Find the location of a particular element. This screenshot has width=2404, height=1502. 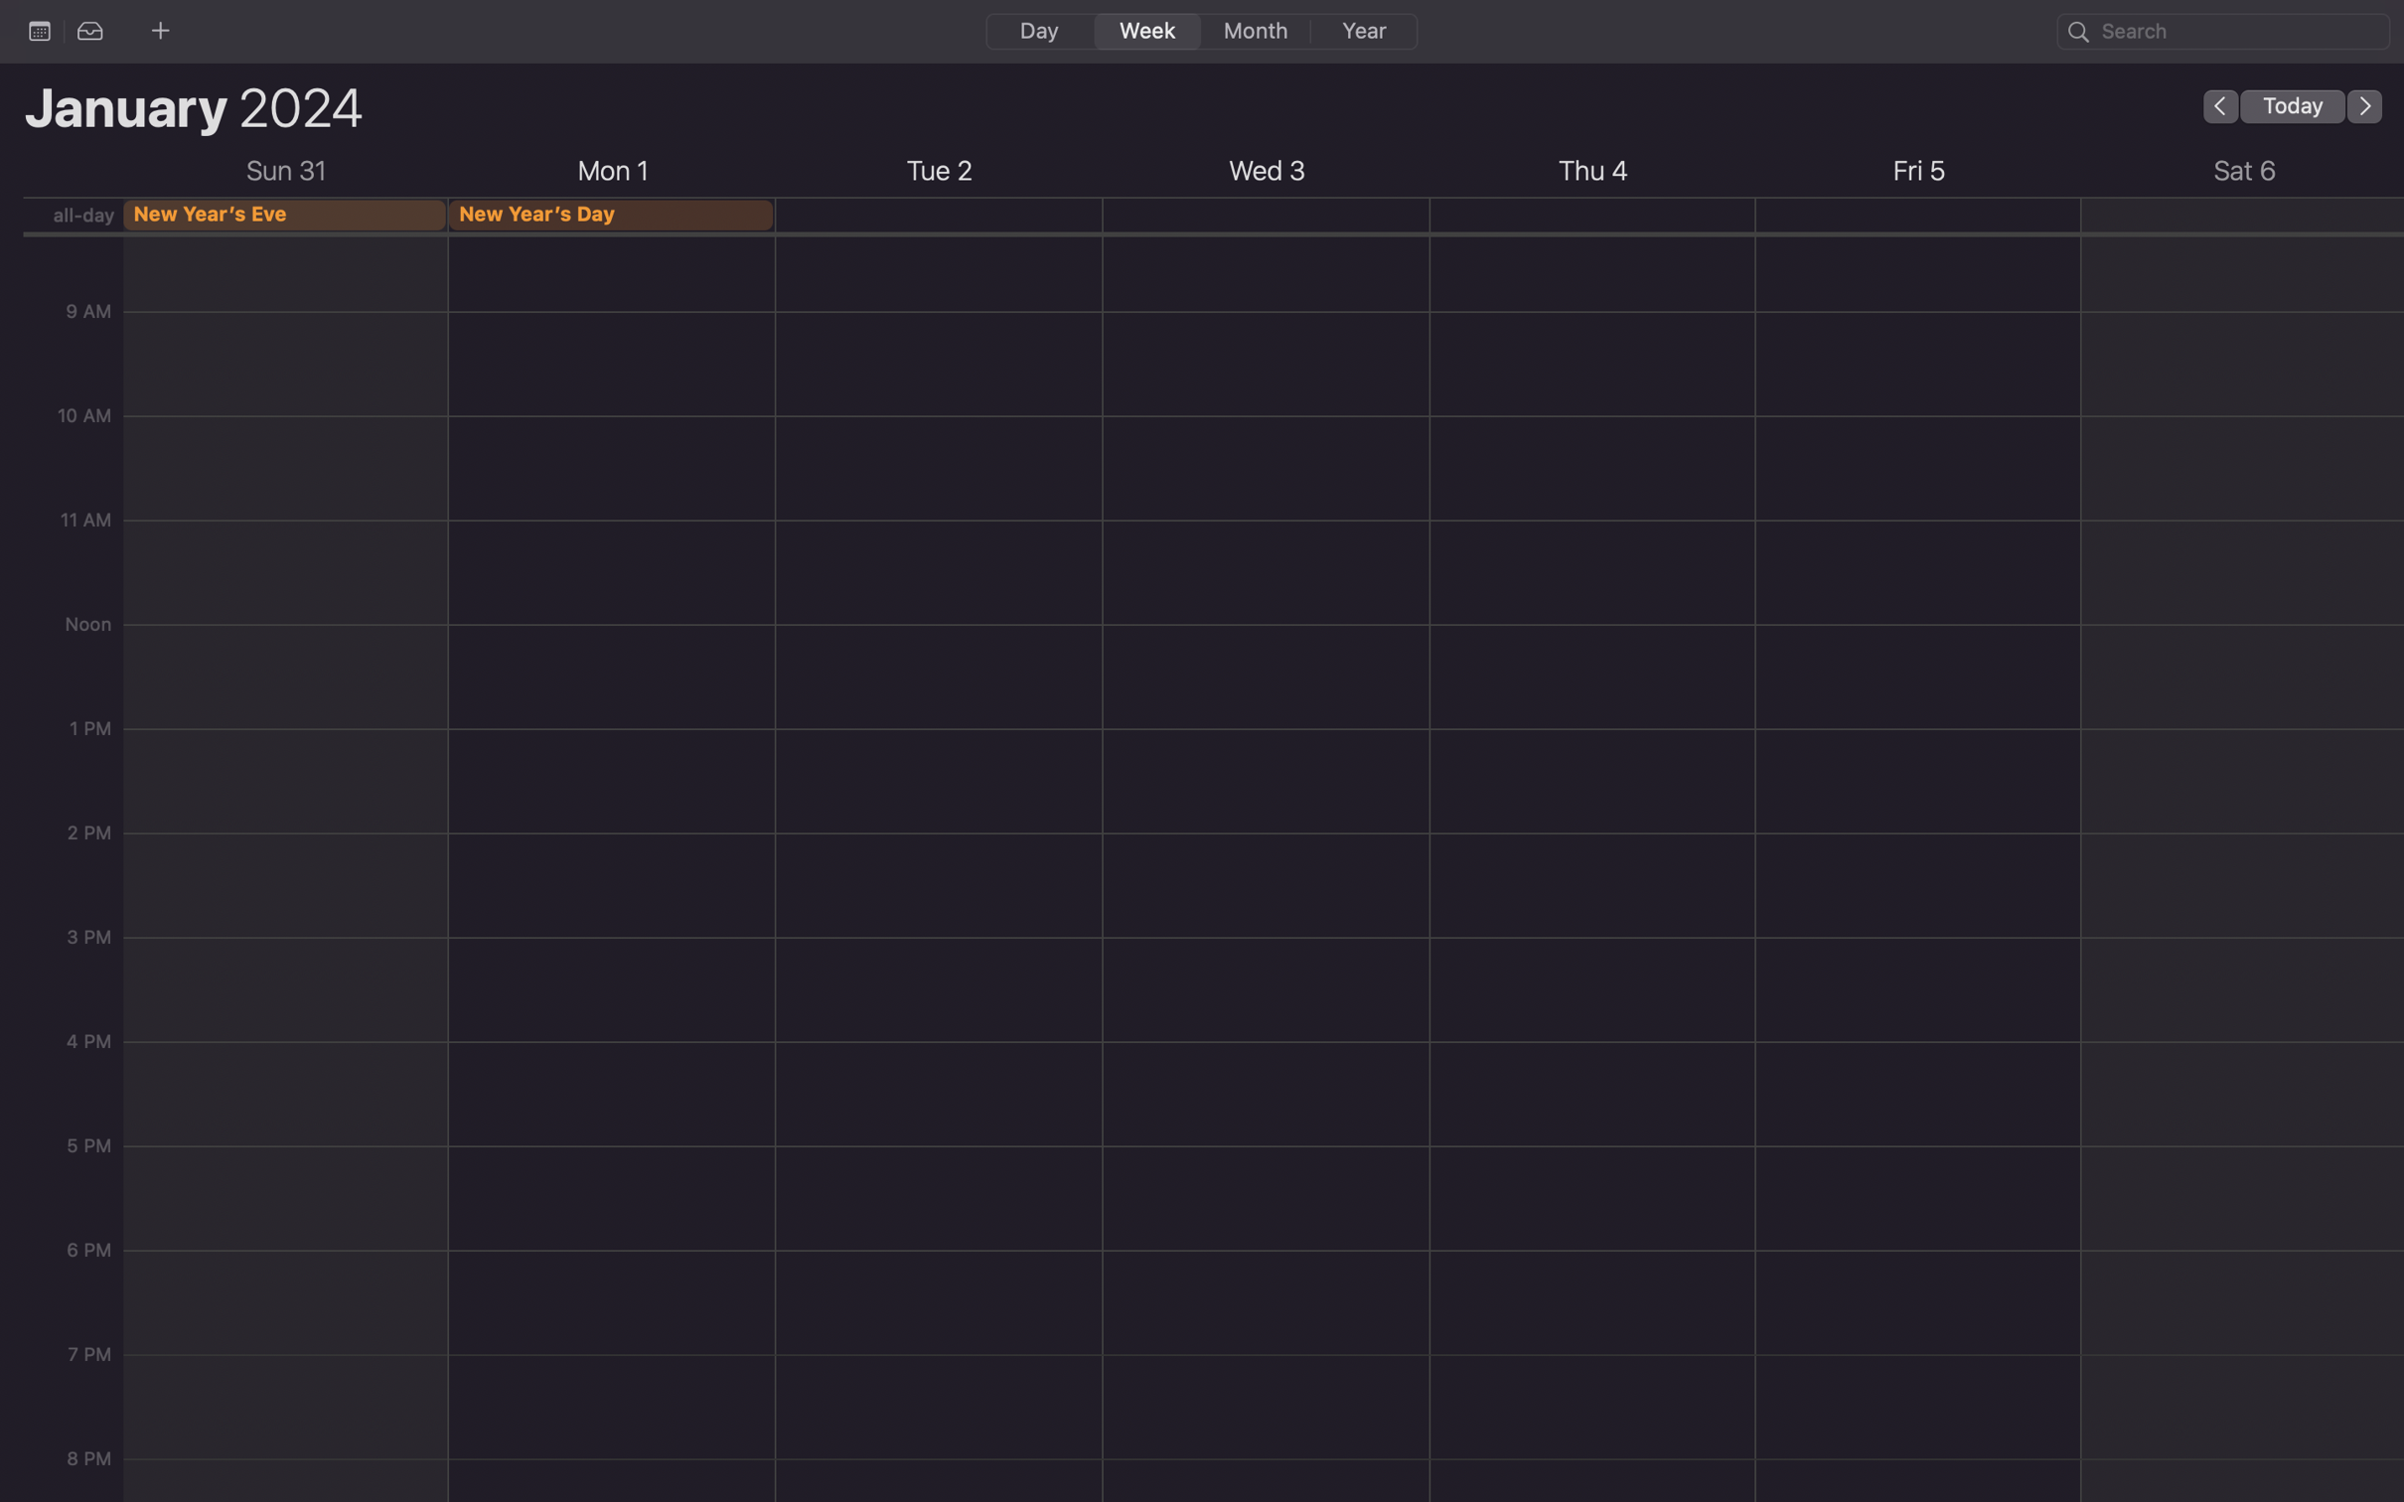

Create an event for 10 am on Monday is located at coordinates (613, 329).